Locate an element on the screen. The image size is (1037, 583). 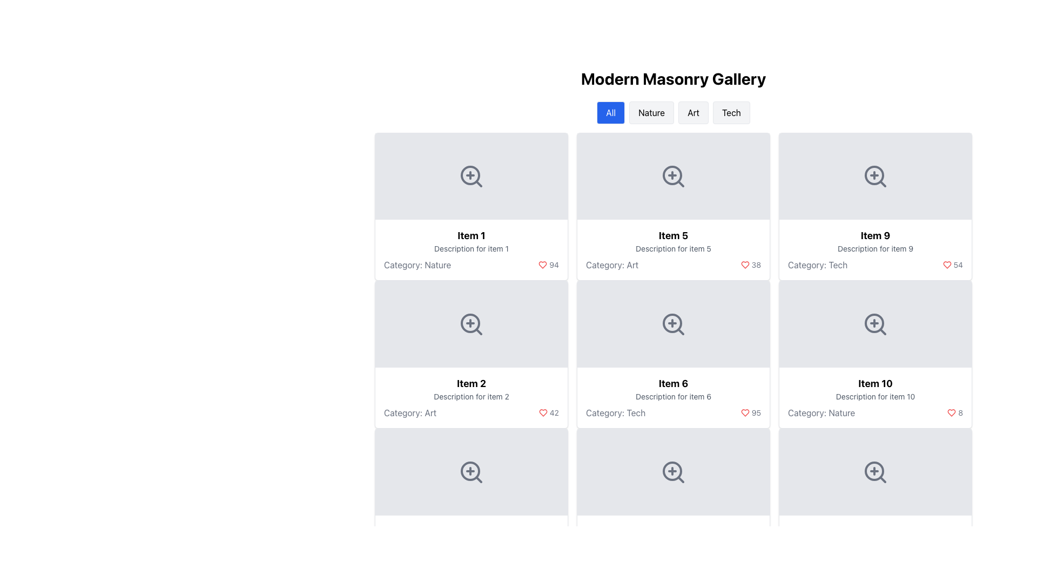
the zoom-in icon located at the bottom-right corner of the card for 'Item 10' is located at coordinates (876, 324).